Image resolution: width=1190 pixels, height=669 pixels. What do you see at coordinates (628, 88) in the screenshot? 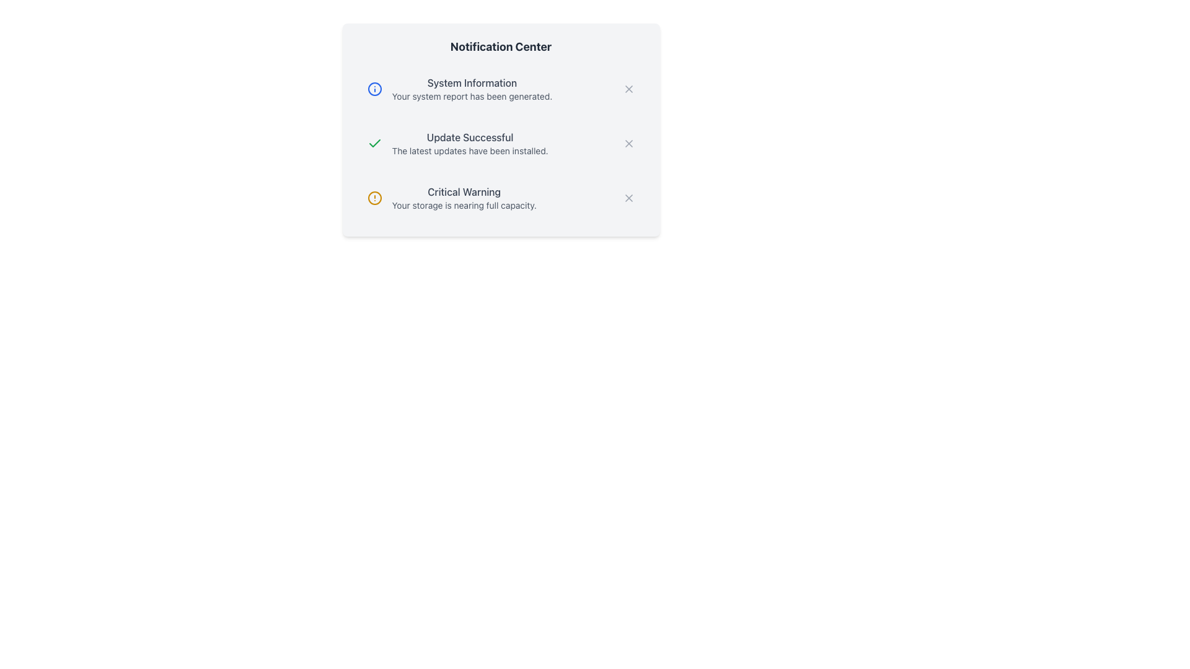
I see `the close button of the 'System Information' notification` at bounding box center [628, 88].